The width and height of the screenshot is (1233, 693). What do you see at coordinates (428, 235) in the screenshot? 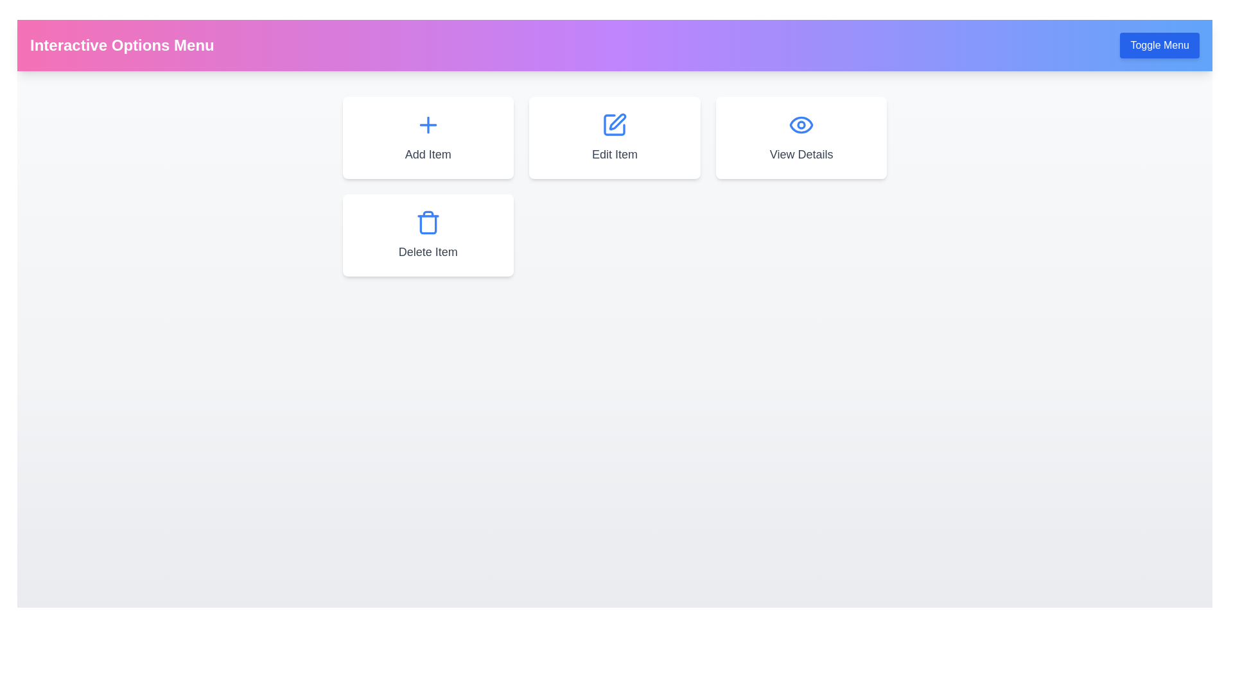
I see `the 'Delete Item' button` at bounding box center [428, 235].